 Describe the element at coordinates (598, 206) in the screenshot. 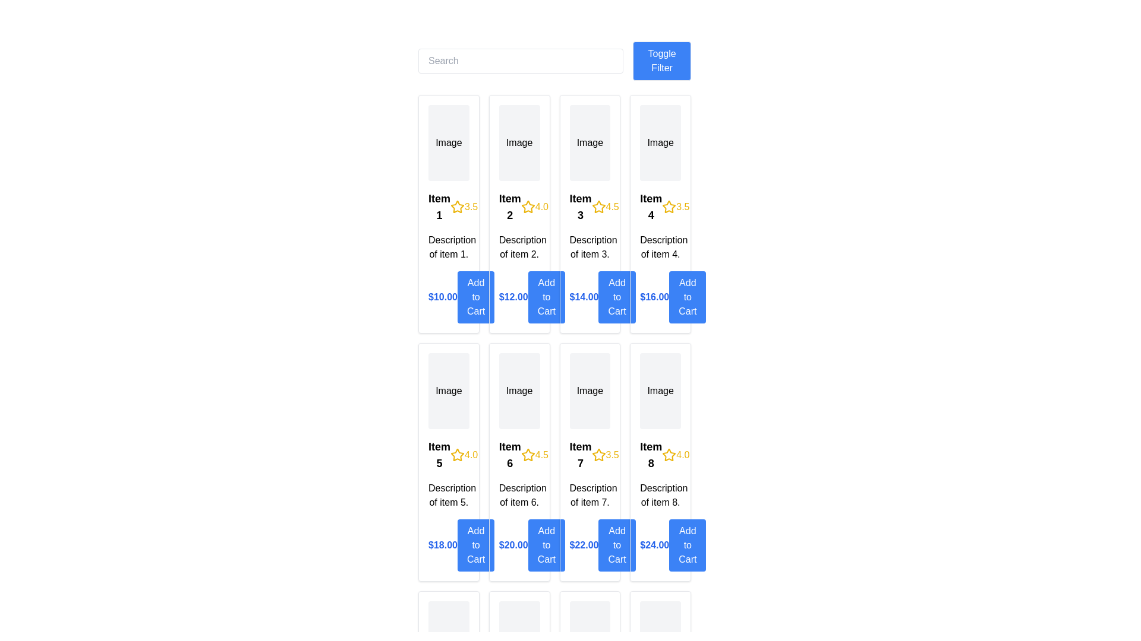

I see `the star icon representing the rating value of '4.5' located in the third item listing under the label 'Item 3'` at that location.